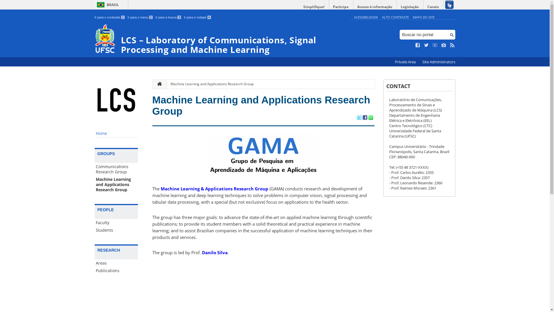 The width and height of the screenshot is (554, 312). Describe the element at coordinates (116, 263) in the screenshot. I see `'Areas'` at that location.